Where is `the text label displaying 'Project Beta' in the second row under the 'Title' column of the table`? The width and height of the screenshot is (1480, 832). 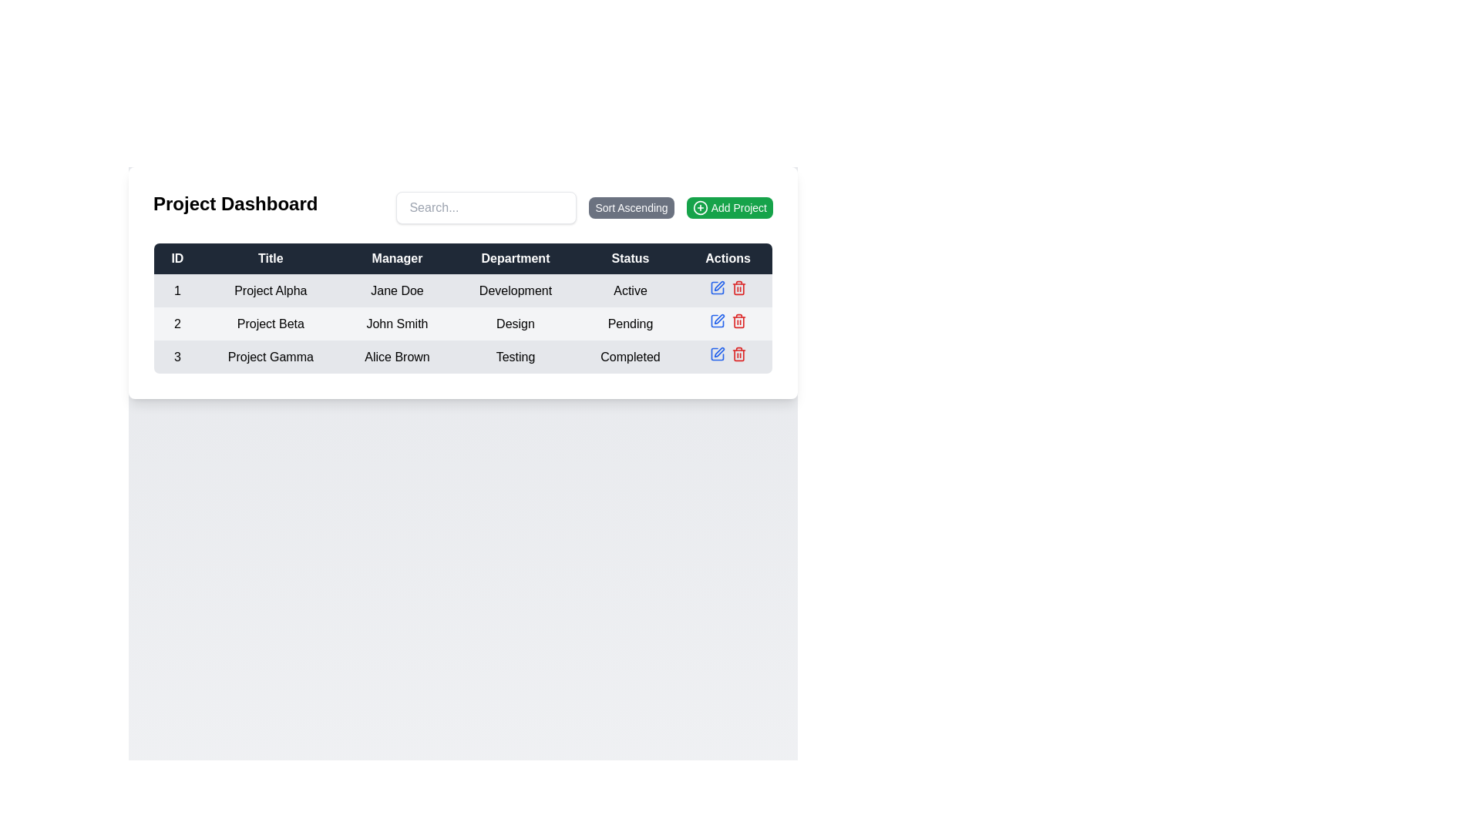 the text label displaying 'Project Beta' in the second row under the 'Title' column of the table is located at coordinates (271, 323).